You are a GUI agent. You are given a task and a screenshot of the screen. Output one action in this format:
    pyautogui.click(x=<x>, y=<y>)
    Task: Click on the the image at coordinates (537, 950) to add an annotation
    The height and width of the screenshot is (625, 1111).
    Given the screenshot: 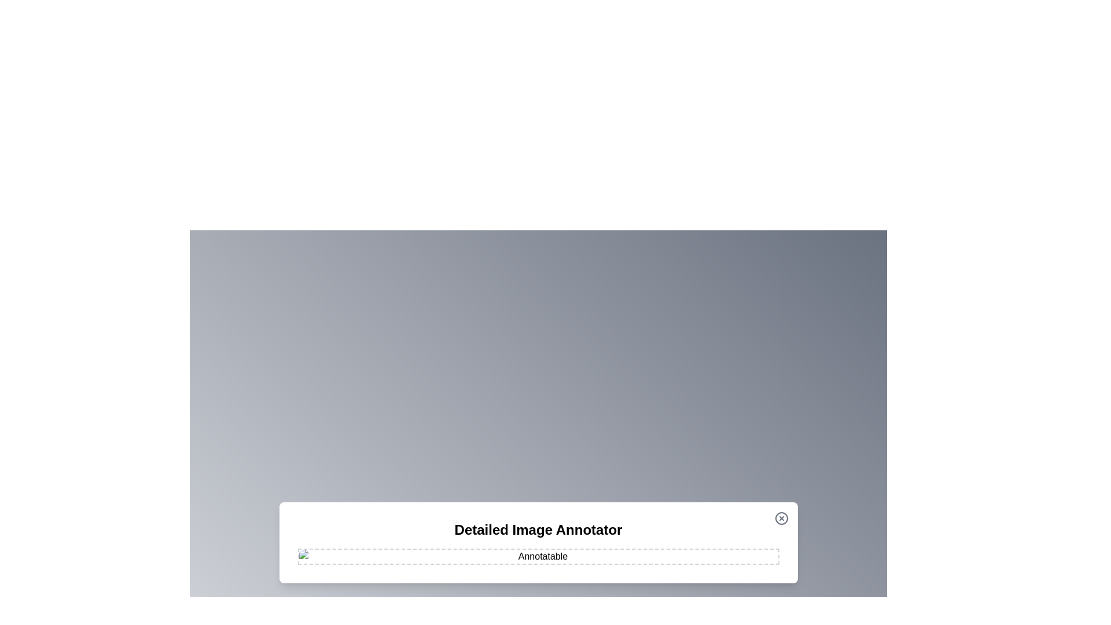 What is the action you would take?
    pyautogui.click(x=311, y=549)
    